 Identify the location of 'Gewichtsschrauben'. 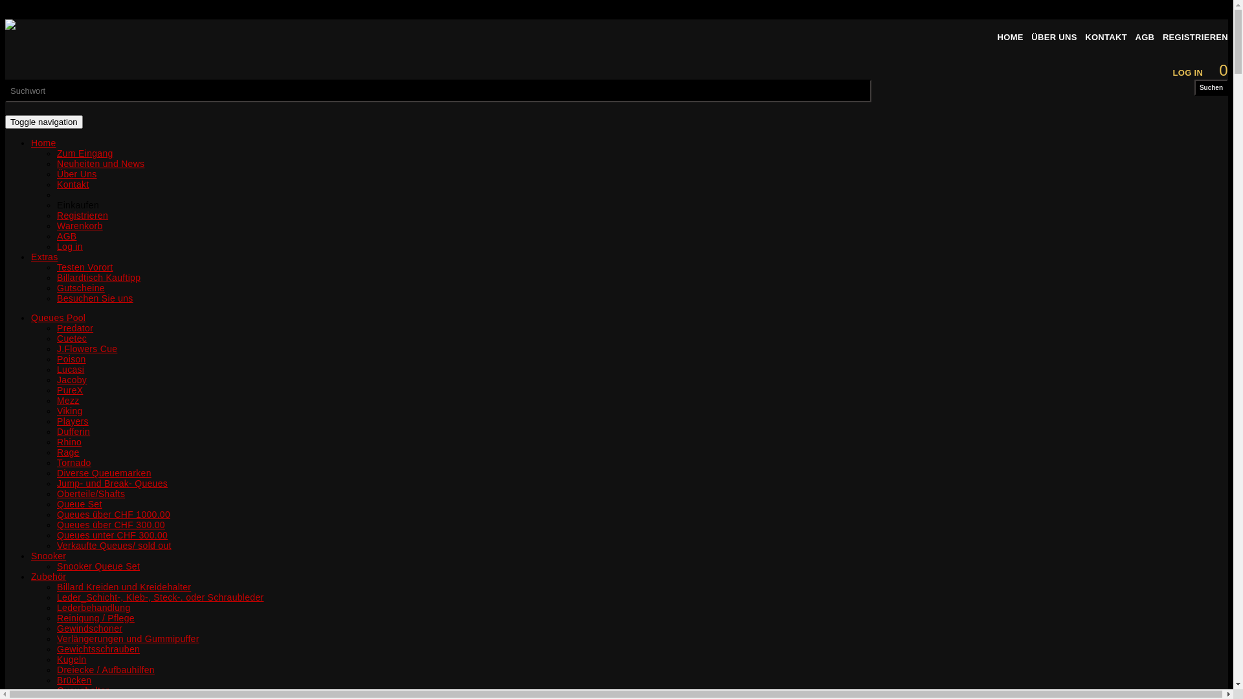
(98, 649).